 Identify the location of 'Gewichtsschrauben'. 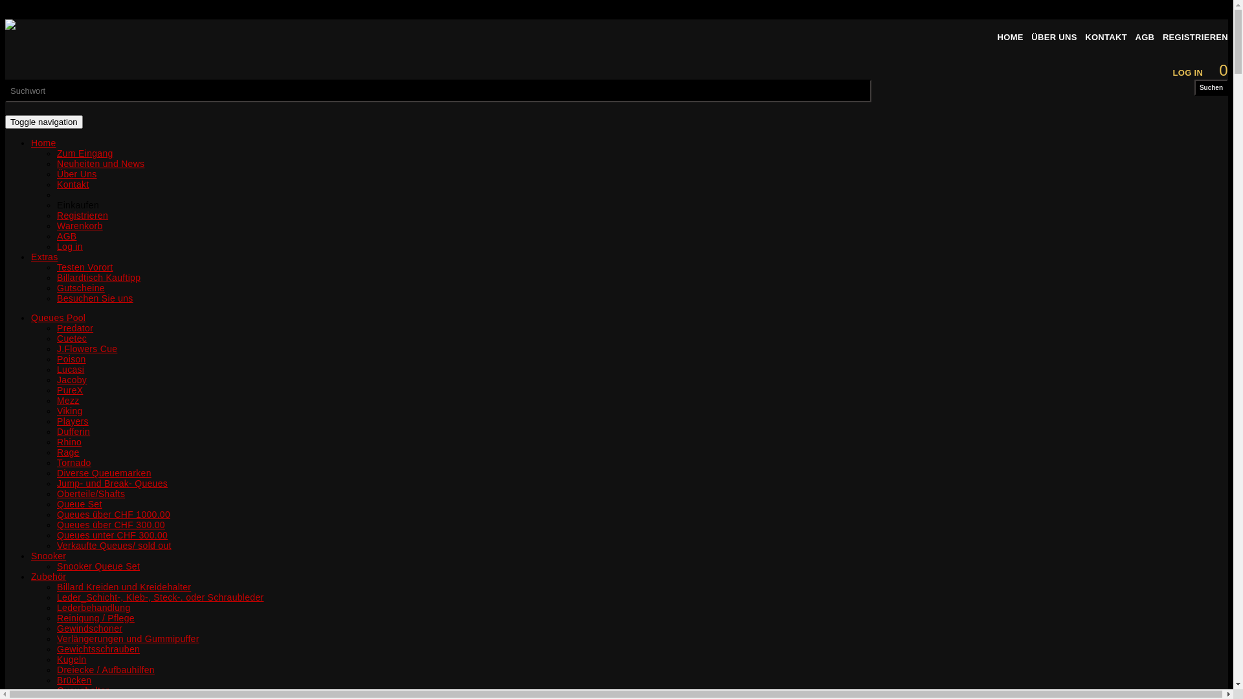
(98, 649).